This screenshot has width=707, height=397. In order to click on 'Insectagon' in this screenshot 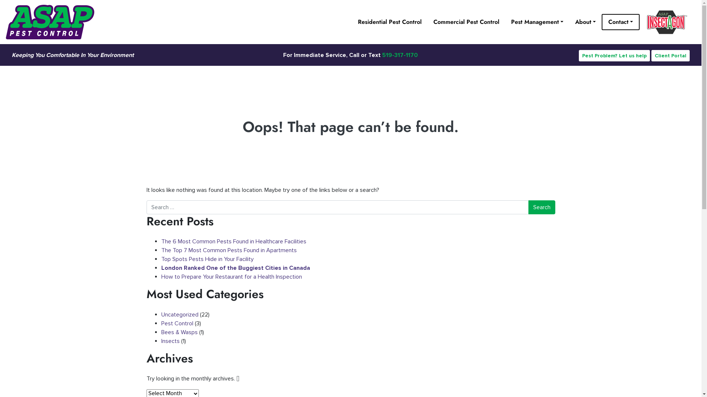, I will do `click(668, 22)`.